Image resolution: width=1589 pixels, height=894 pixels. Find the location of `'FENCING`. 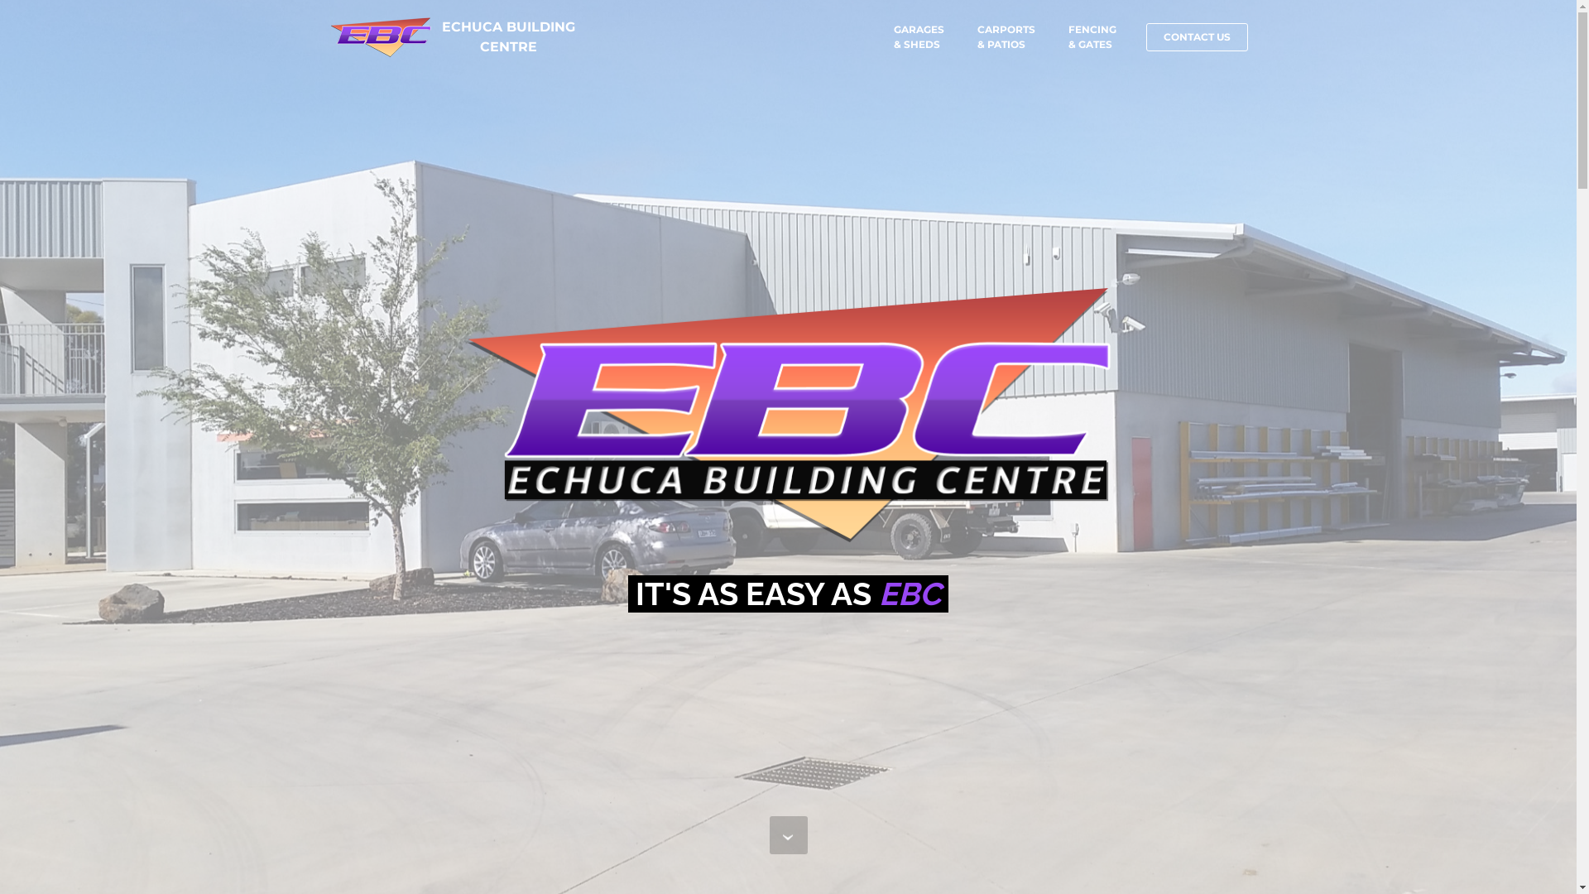

'FENCING is located at coordinates (1092, 37).